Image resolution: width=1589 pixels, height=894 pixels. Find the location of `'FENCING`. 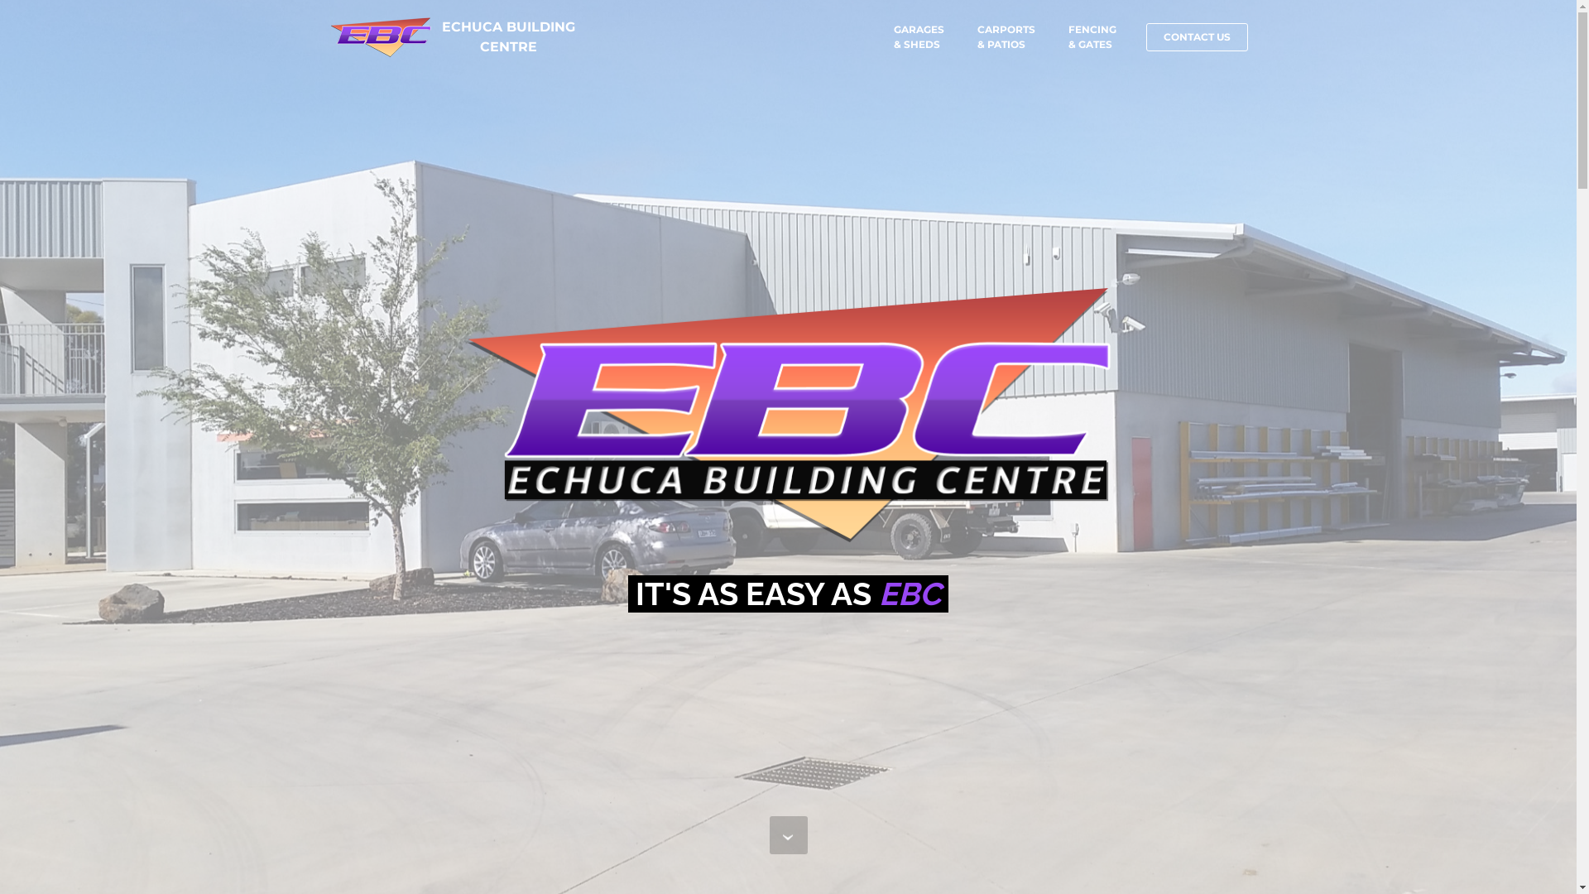

'FENCING is located at coordinates (1092, 37).